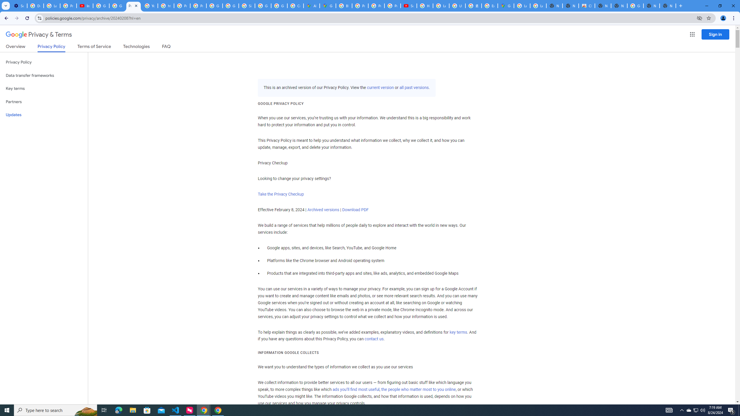 The image size is (740, 416). I want to click on 'Settings - Customize profile', so click(19, 5).